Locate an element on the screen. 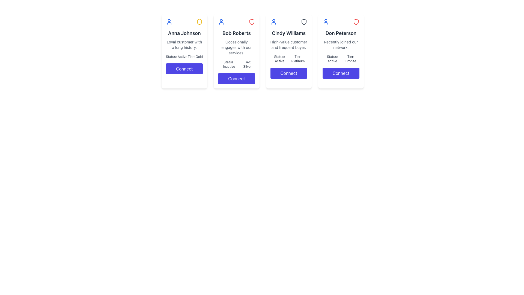  the status icon for 'Bob Roberts' located at the top-right corner of his card, which indicates security or protection is located at coordinates (251, 22).